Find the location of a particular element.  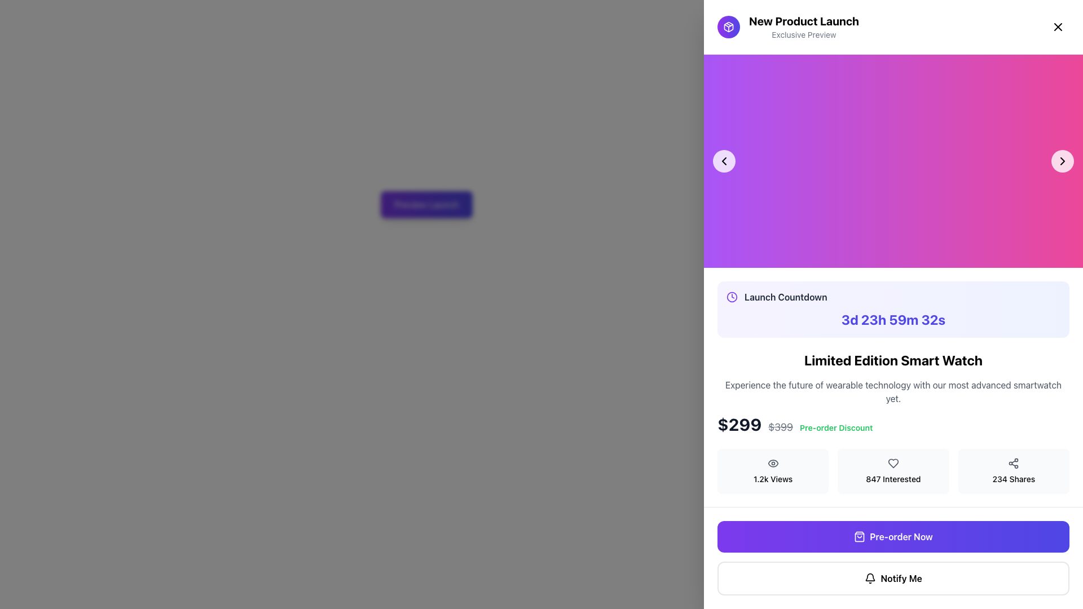

the dismiss button located in the upper-right corner of the 'New Product Launch Exclusive Preview' header section is located at coordinates (1058, 26).